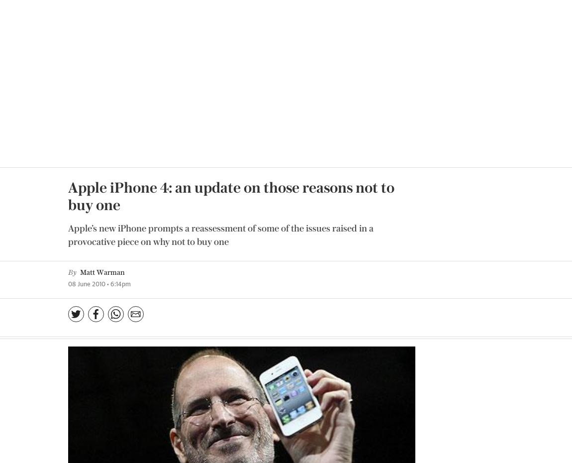 Image resolution: width=572 pixels, height=463 pixels. What do you see at coordinates (149, 336) in the screenshot?
I see `'Try The Telegraph free for 1 month'` at bounding box center [149, 336].